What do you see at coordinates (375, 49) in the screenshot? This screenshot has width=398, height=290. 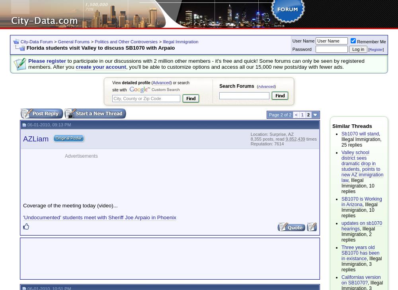 I see `'Register'` at bounding box center [375, 49].